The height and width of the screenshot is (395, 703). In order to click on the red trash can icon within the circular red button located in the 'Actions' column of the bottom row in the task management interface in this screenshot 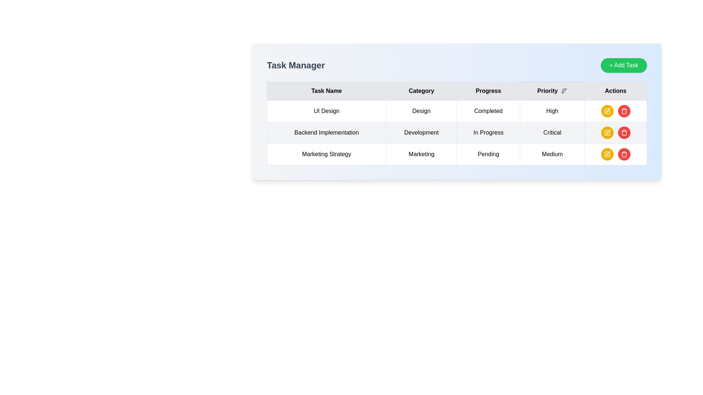, I will do `click(624, 154)`.